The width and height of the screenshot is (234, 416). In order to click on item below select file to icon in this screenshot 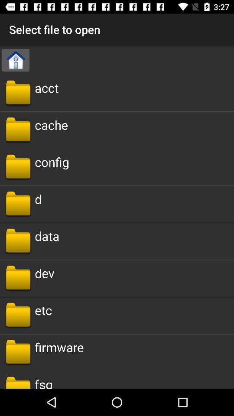, I will do `click(46, 88)`.